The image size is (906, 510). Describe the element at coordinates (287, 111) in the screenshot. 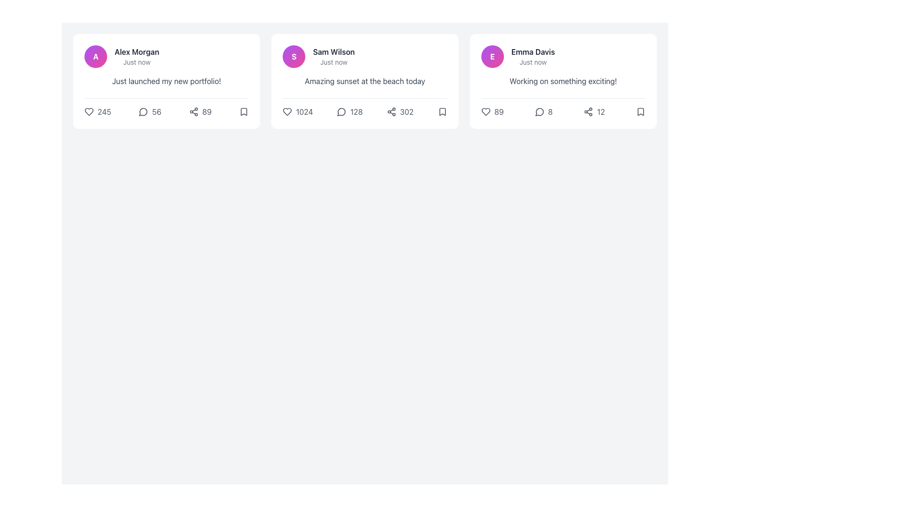

I see `the 'like' or 'favorite' icon located at the bottom-left corner of the second card in a three-card layout` at that location.